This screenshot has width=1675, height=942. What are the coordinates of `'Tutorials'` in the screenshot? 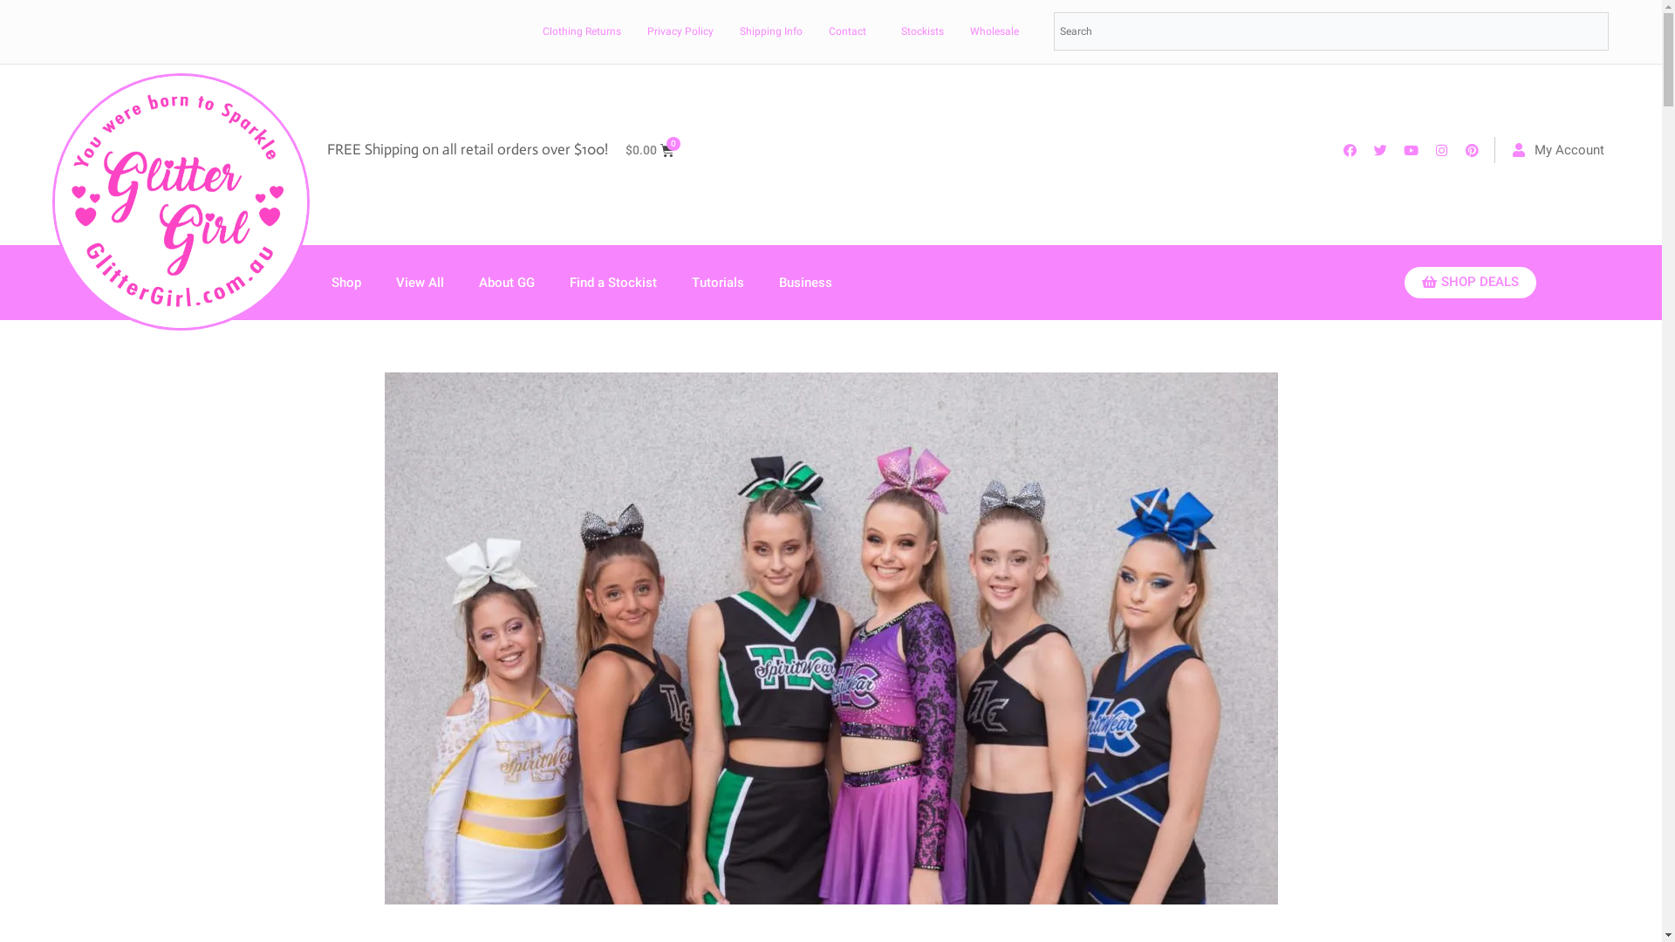 It's located at (717, 282).